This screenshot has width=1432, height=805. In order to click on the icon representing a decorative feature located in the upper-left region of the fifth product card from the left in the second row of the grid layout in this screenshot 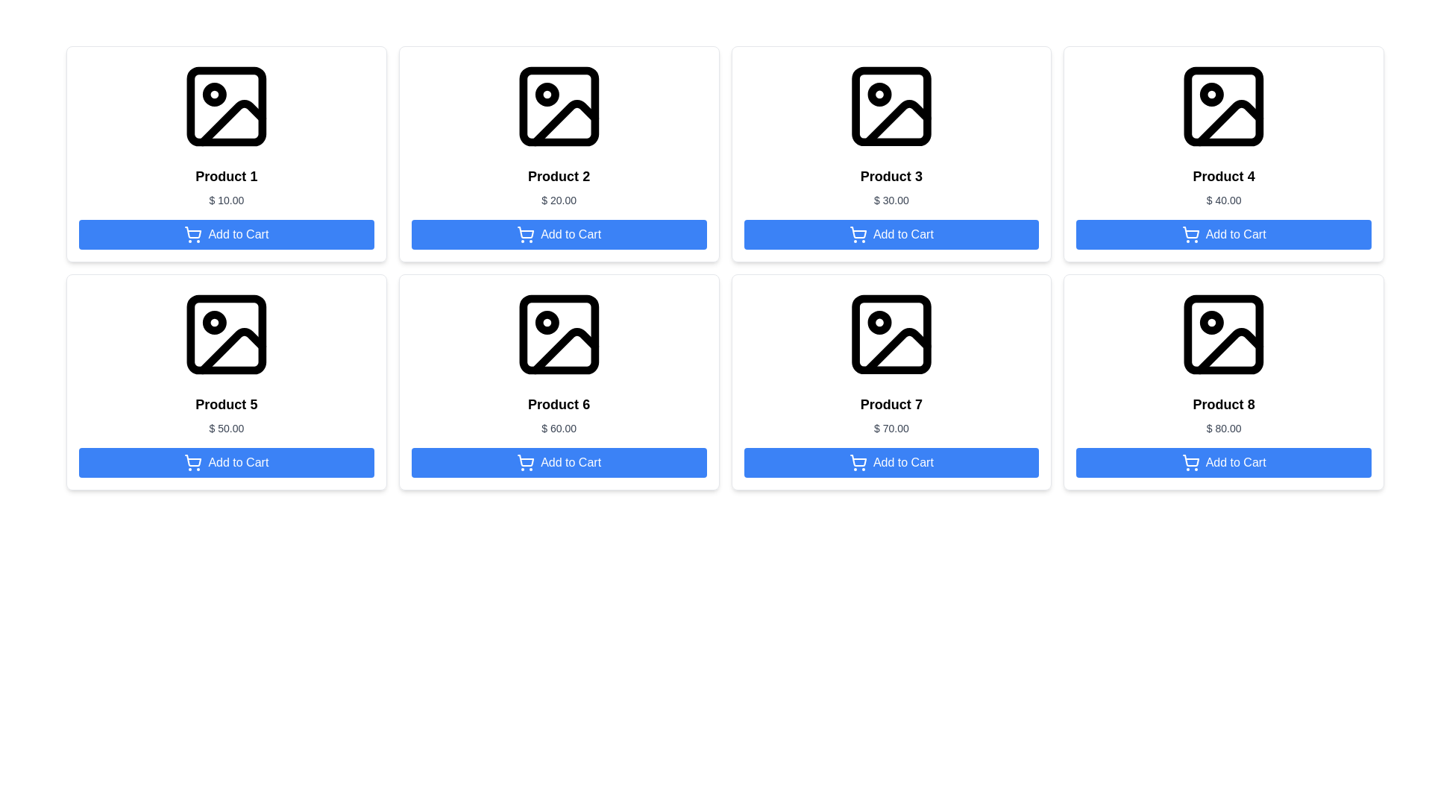, I will do `click(213, 321)`.